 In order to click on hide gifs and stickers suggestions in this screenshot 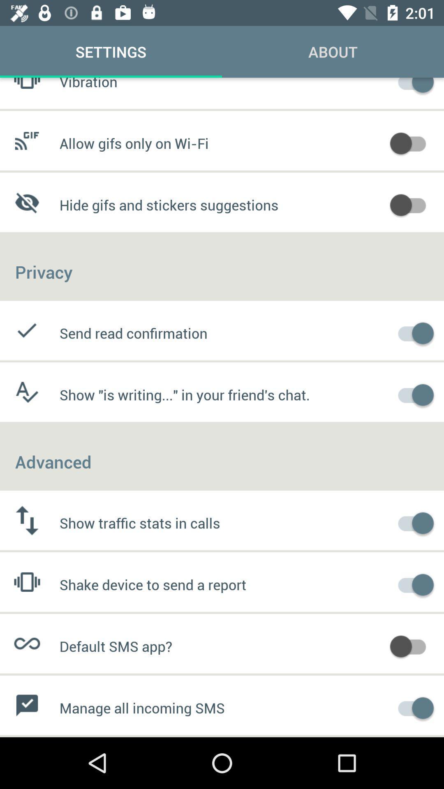, I will do `click(412, 204)`.